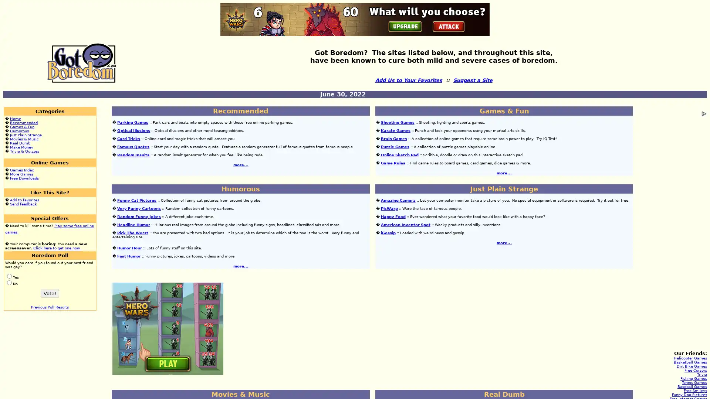 This screenshot has height=399, width=710. What do you see at coordinates (49, 293) in the screenshot?
I see `Vote!` at bounding box center [49, 293].